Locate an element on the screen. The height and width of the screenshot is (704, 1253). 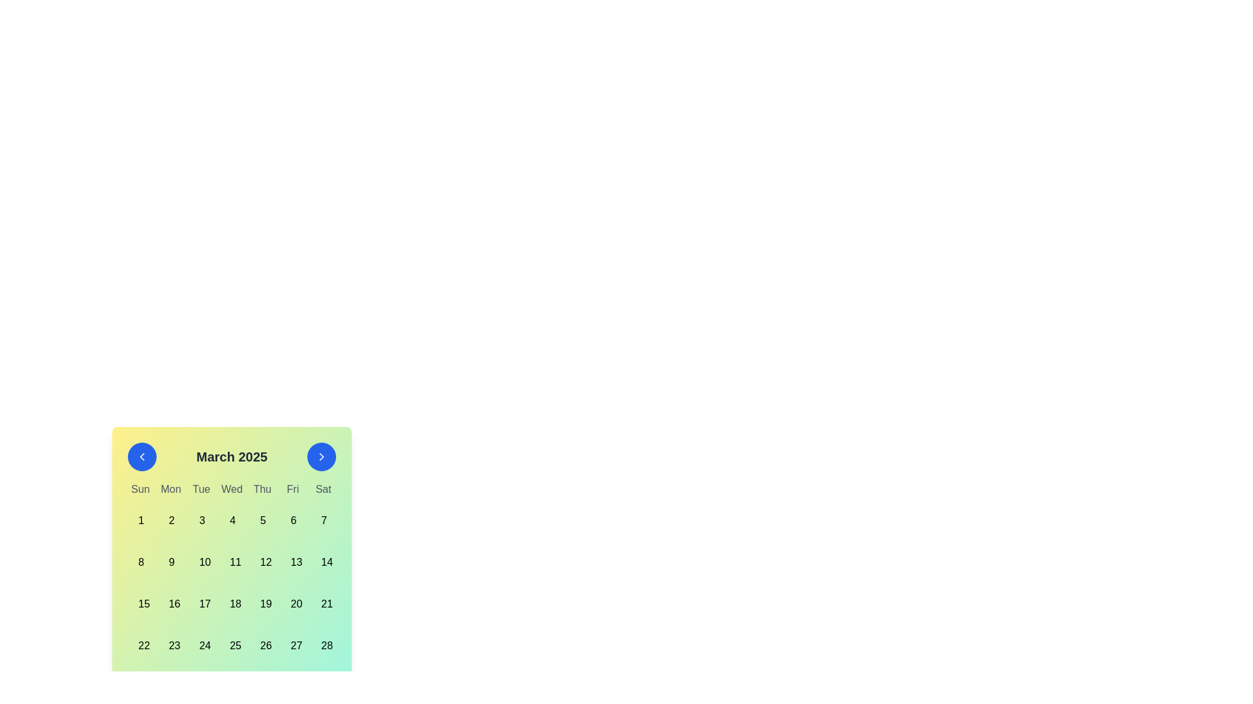
the clickable calendar day cell representing the 14th day of the month is located at coordinates (323, 562).